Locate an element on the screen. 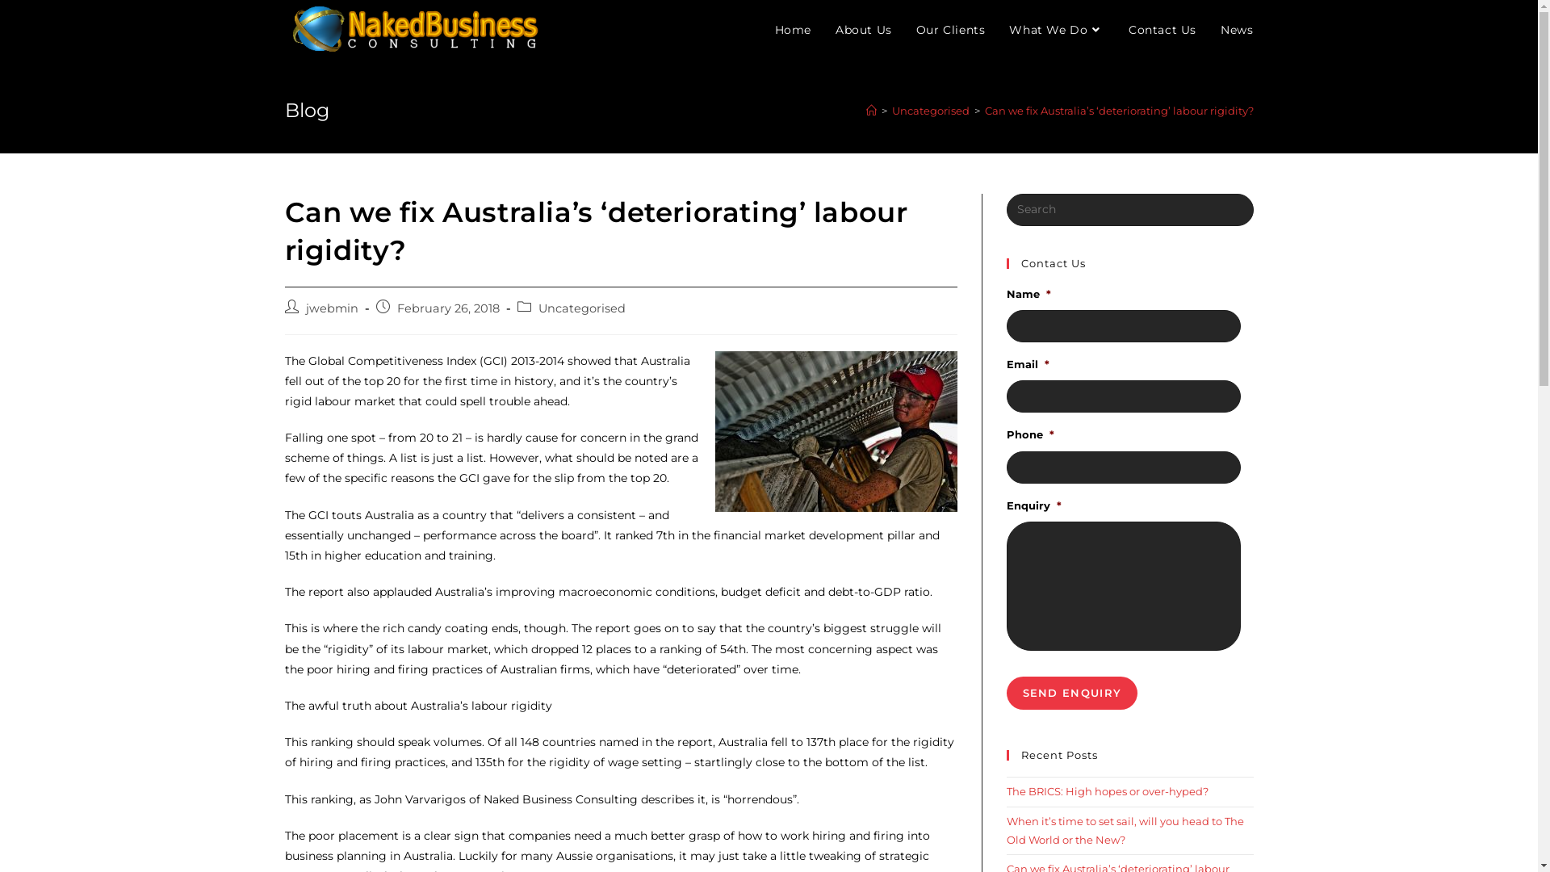 This screenshot has height=872, width=1550. 'Send Enquiry' is located at coordinates (1071, 692).